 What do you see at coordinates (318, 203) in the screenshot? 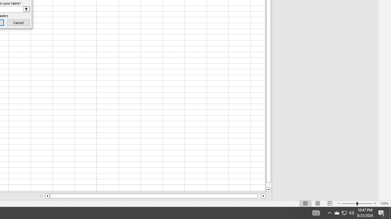
I see `'Page Layout'` at bounding box center [318, 203].